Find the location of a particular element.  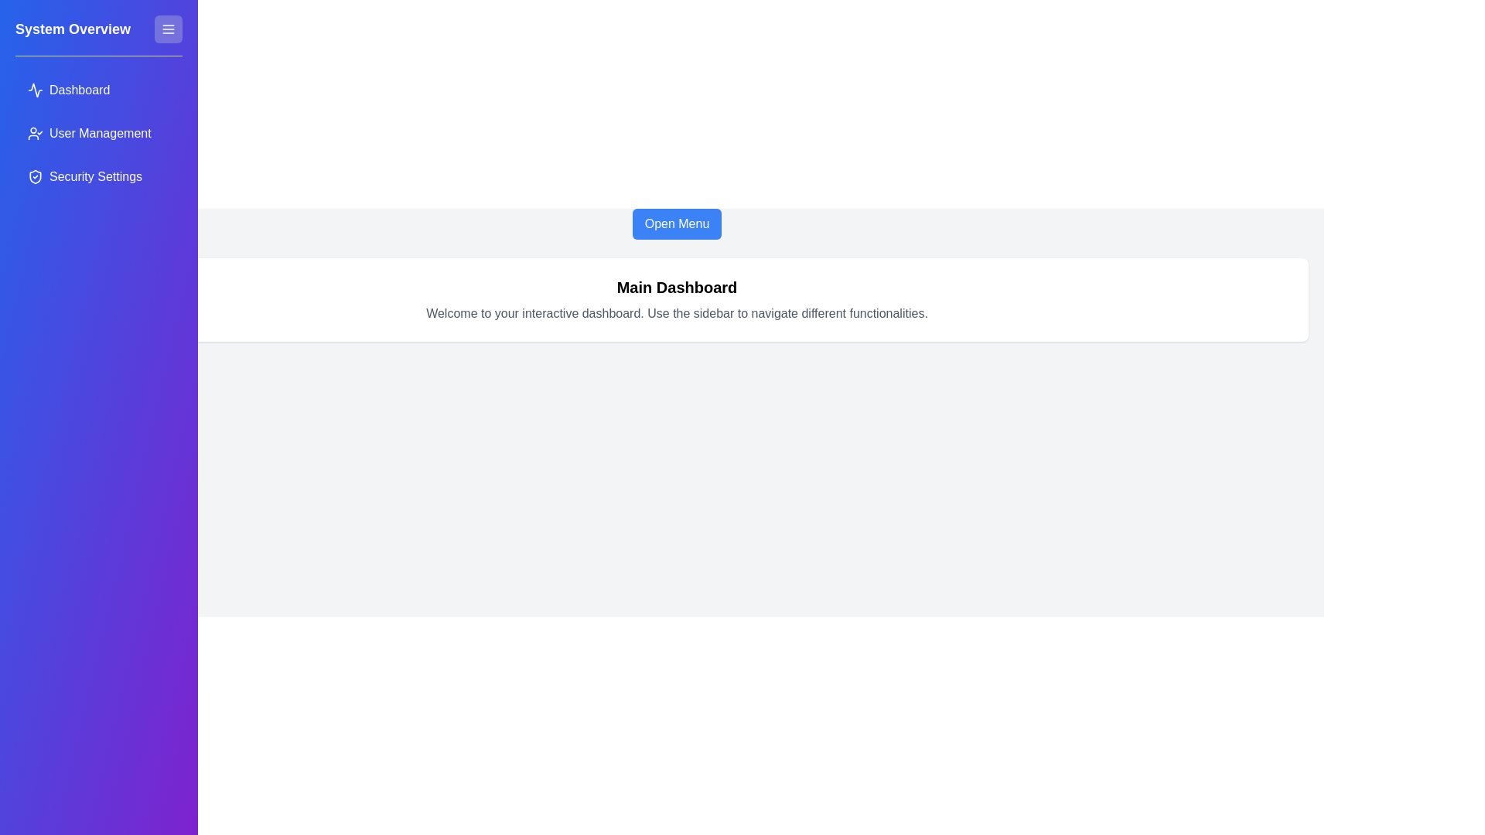

the 'Open Menu' button to reveal the sidebar is located at coordinates (676, 223).